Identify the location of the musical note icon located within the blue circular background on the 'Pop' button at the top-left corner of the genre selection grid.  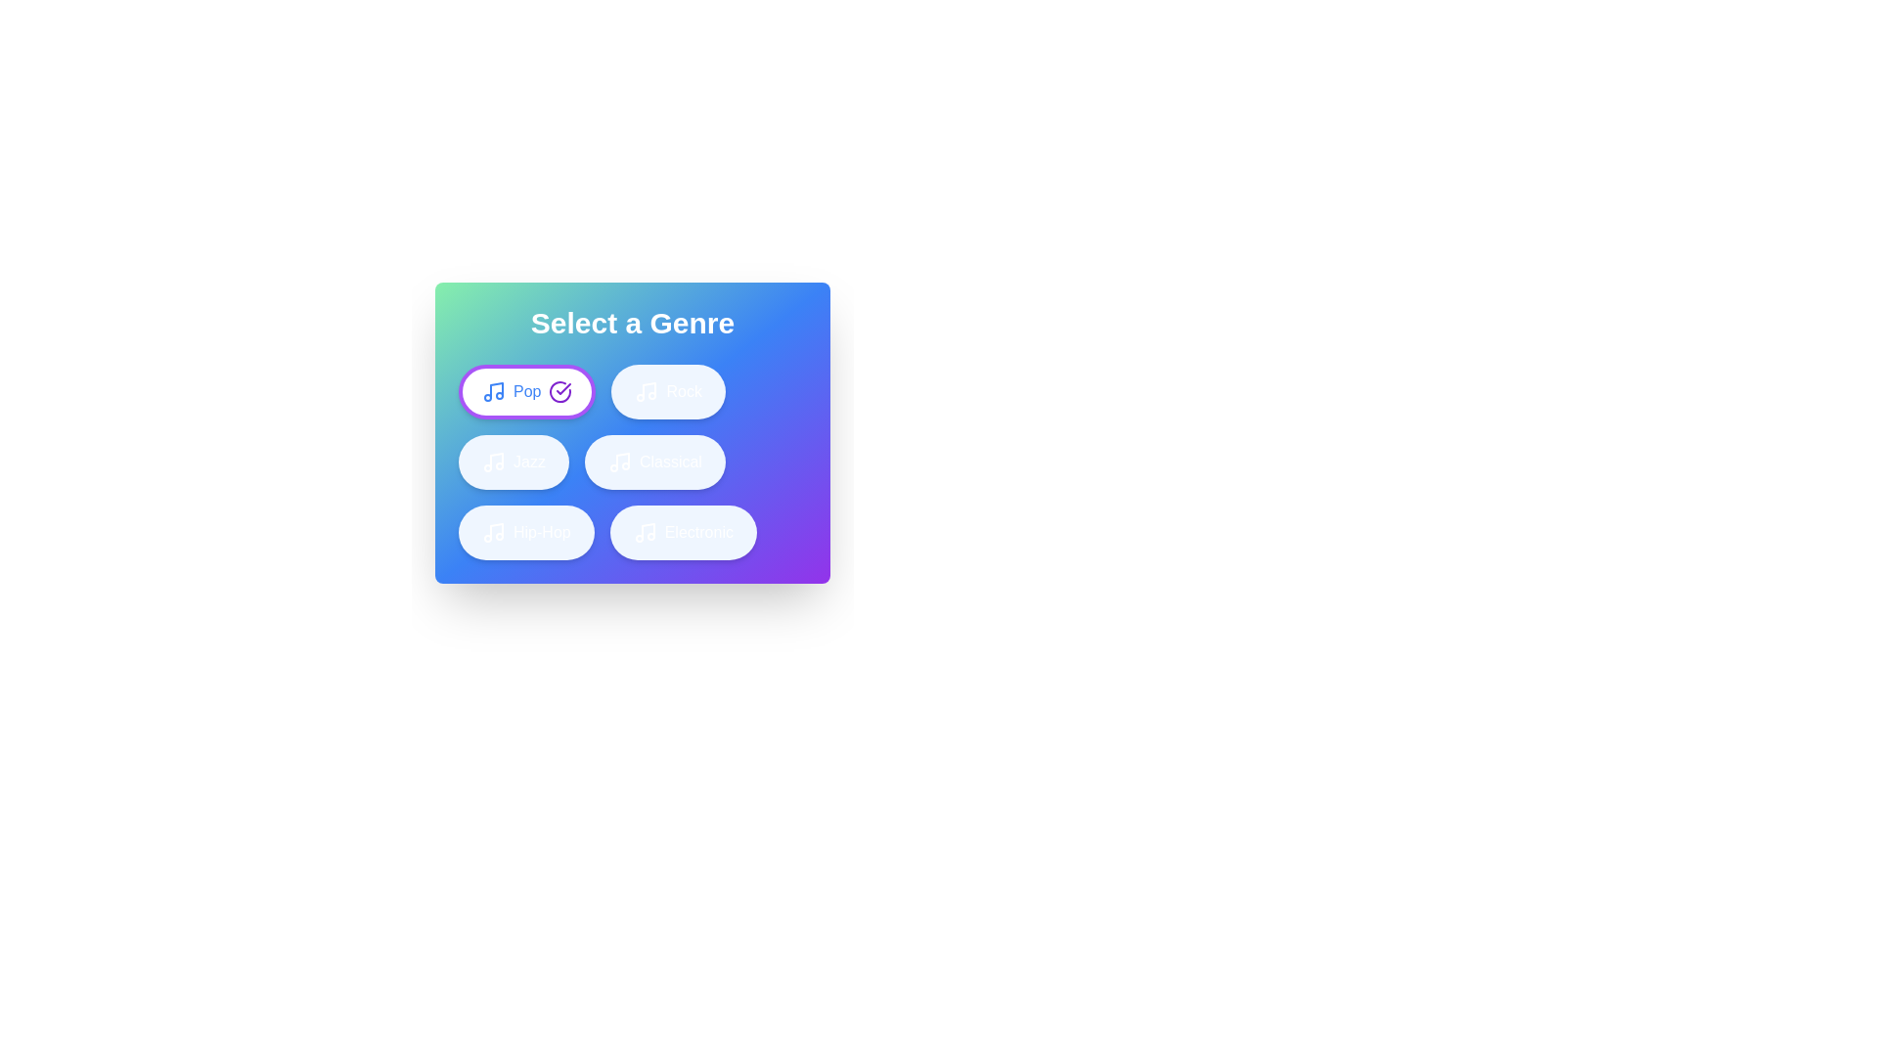
(493, 392).